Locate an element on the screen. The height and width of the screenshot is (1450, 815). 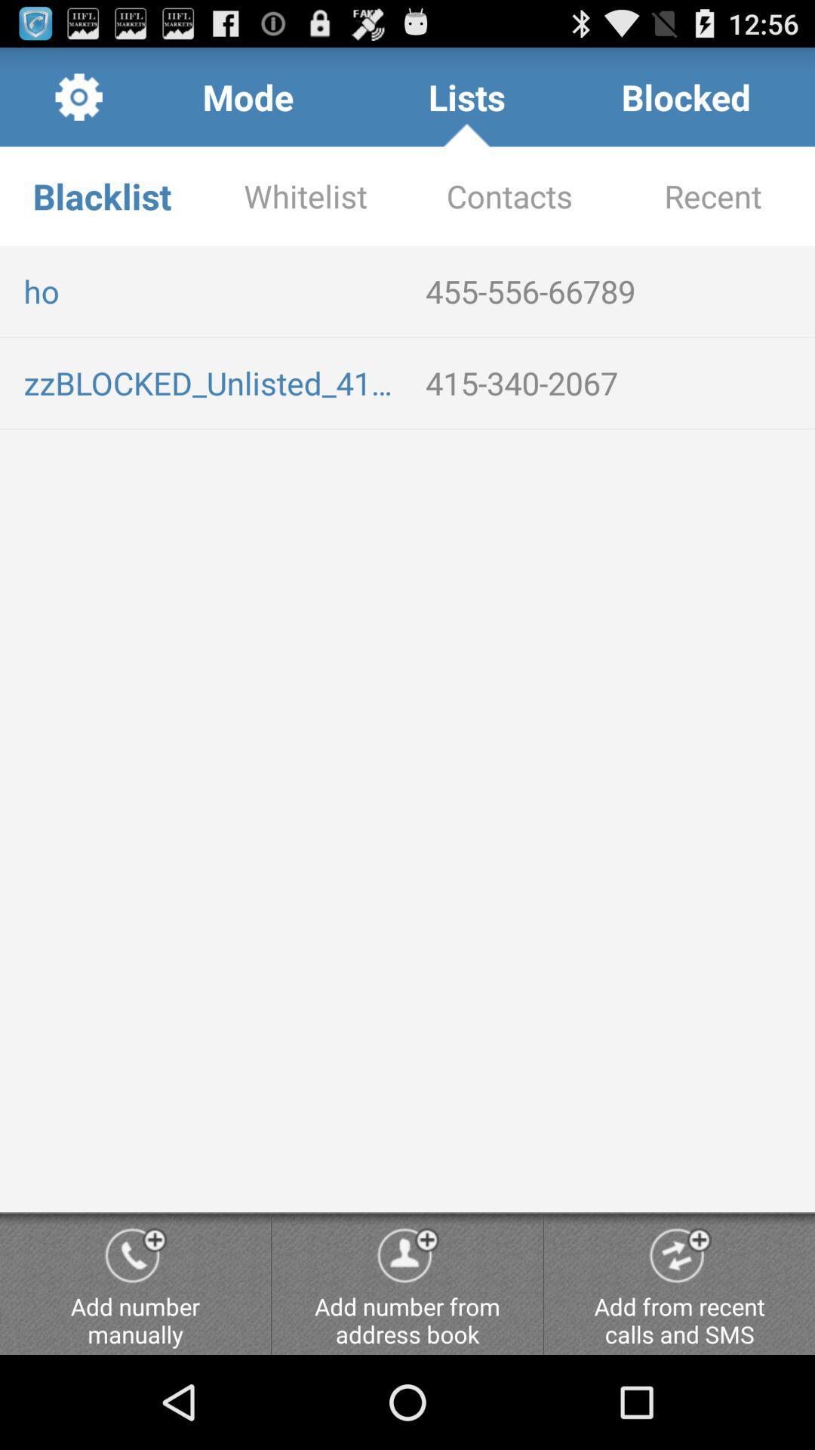
the ho is located at coordinates (212, 291).